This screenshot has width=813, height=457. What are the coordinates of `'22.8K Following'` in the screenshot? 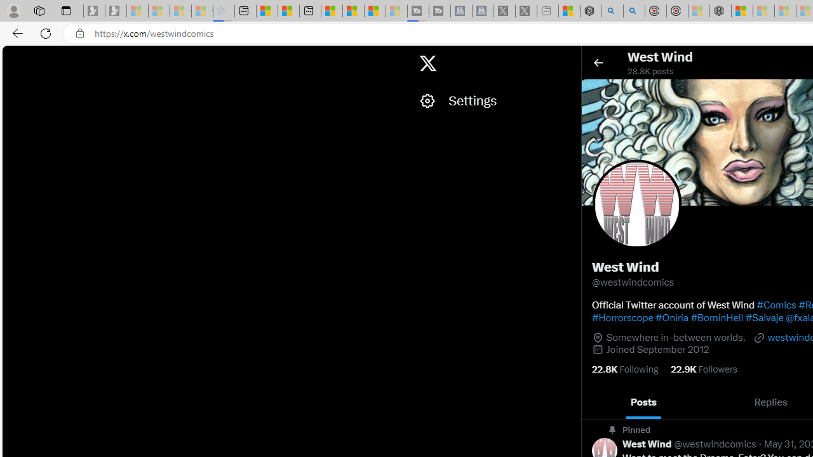 It's located at (625, 369).